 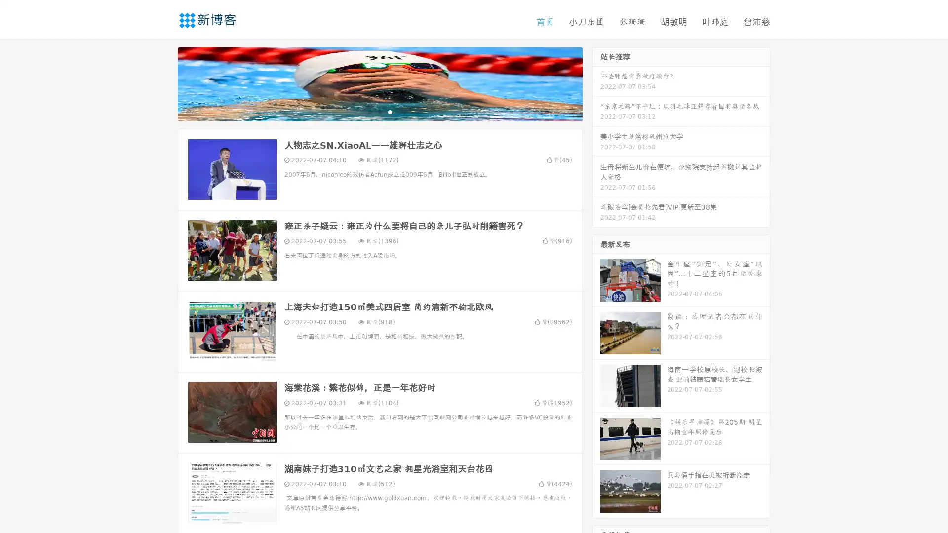 I want to click on Go to slide 1, so click(x=369, y=111).